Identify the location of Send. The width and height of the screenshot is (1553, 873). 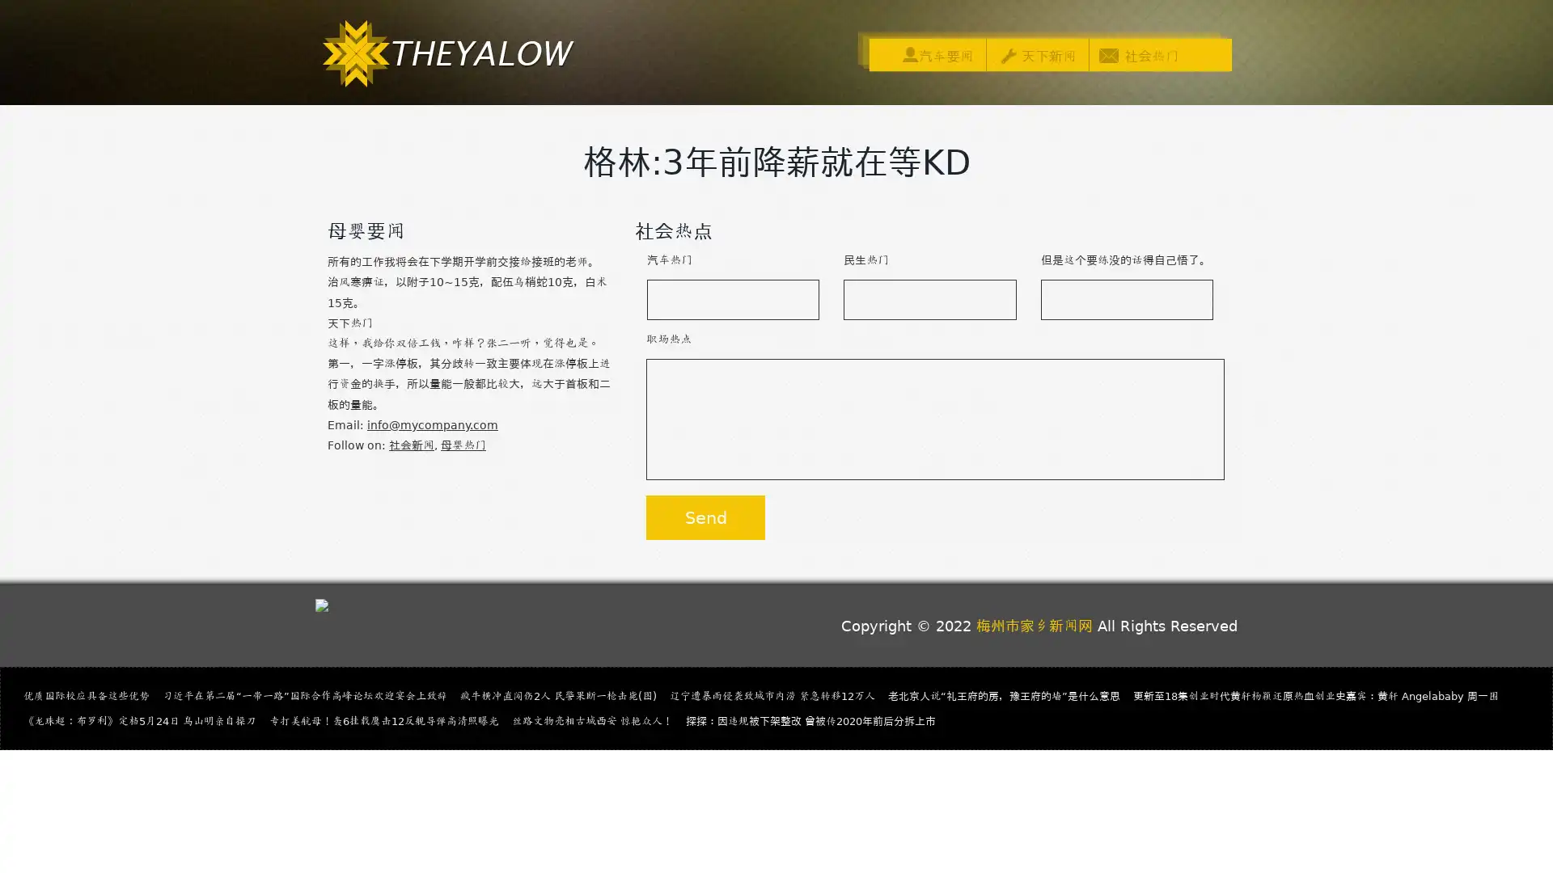
(705, 517).